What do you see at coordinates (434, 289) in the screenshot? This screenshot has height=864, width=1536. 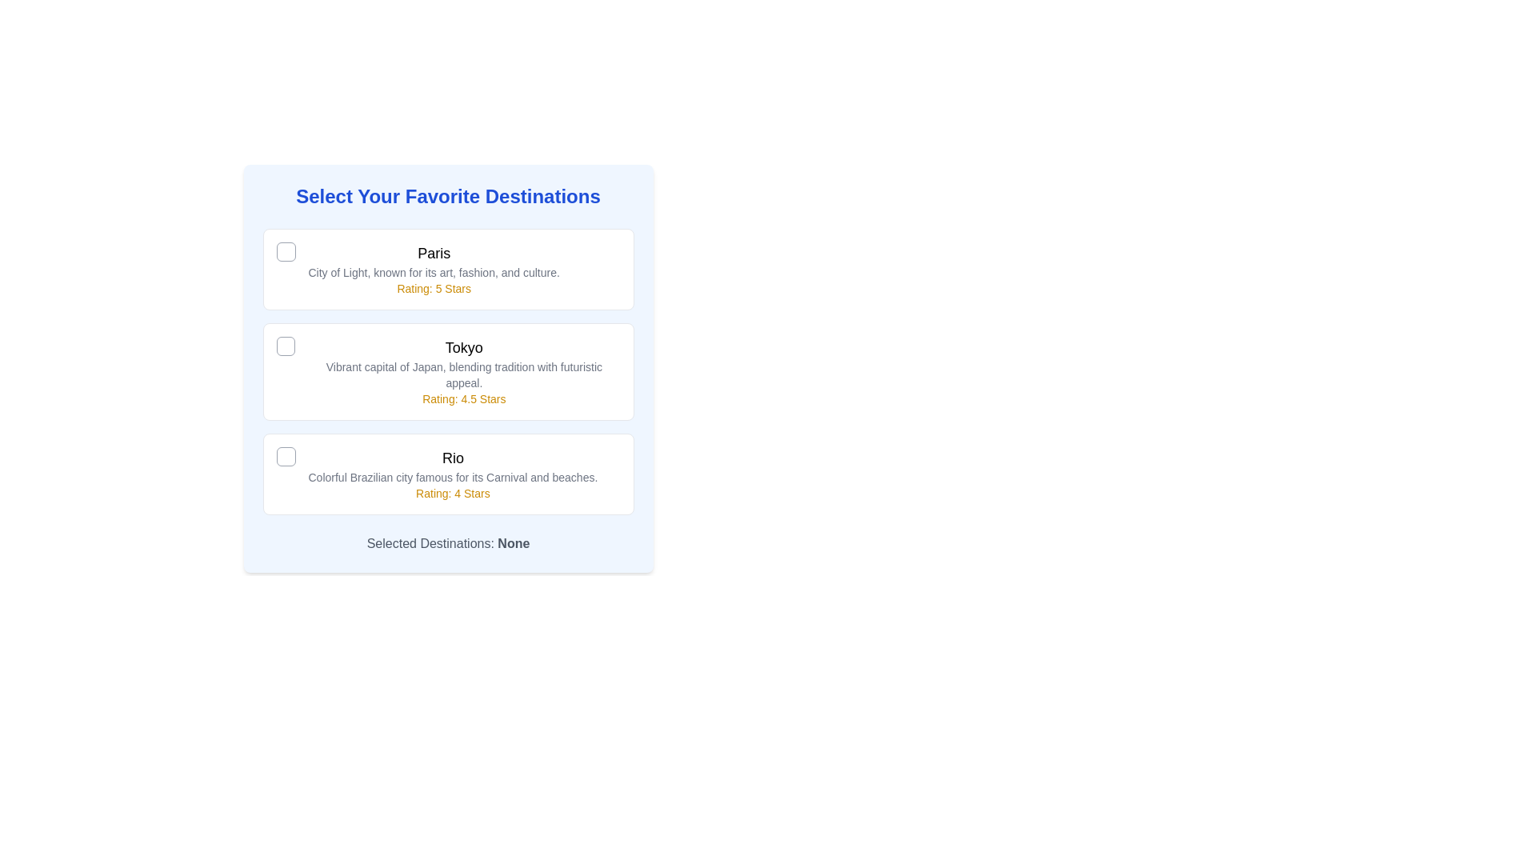 I see `the label displaying 'Rating: 5 Stars', which is styled in yellow-gold color and positioned below the description of 'Paris'` at bounding box center [434, 289].